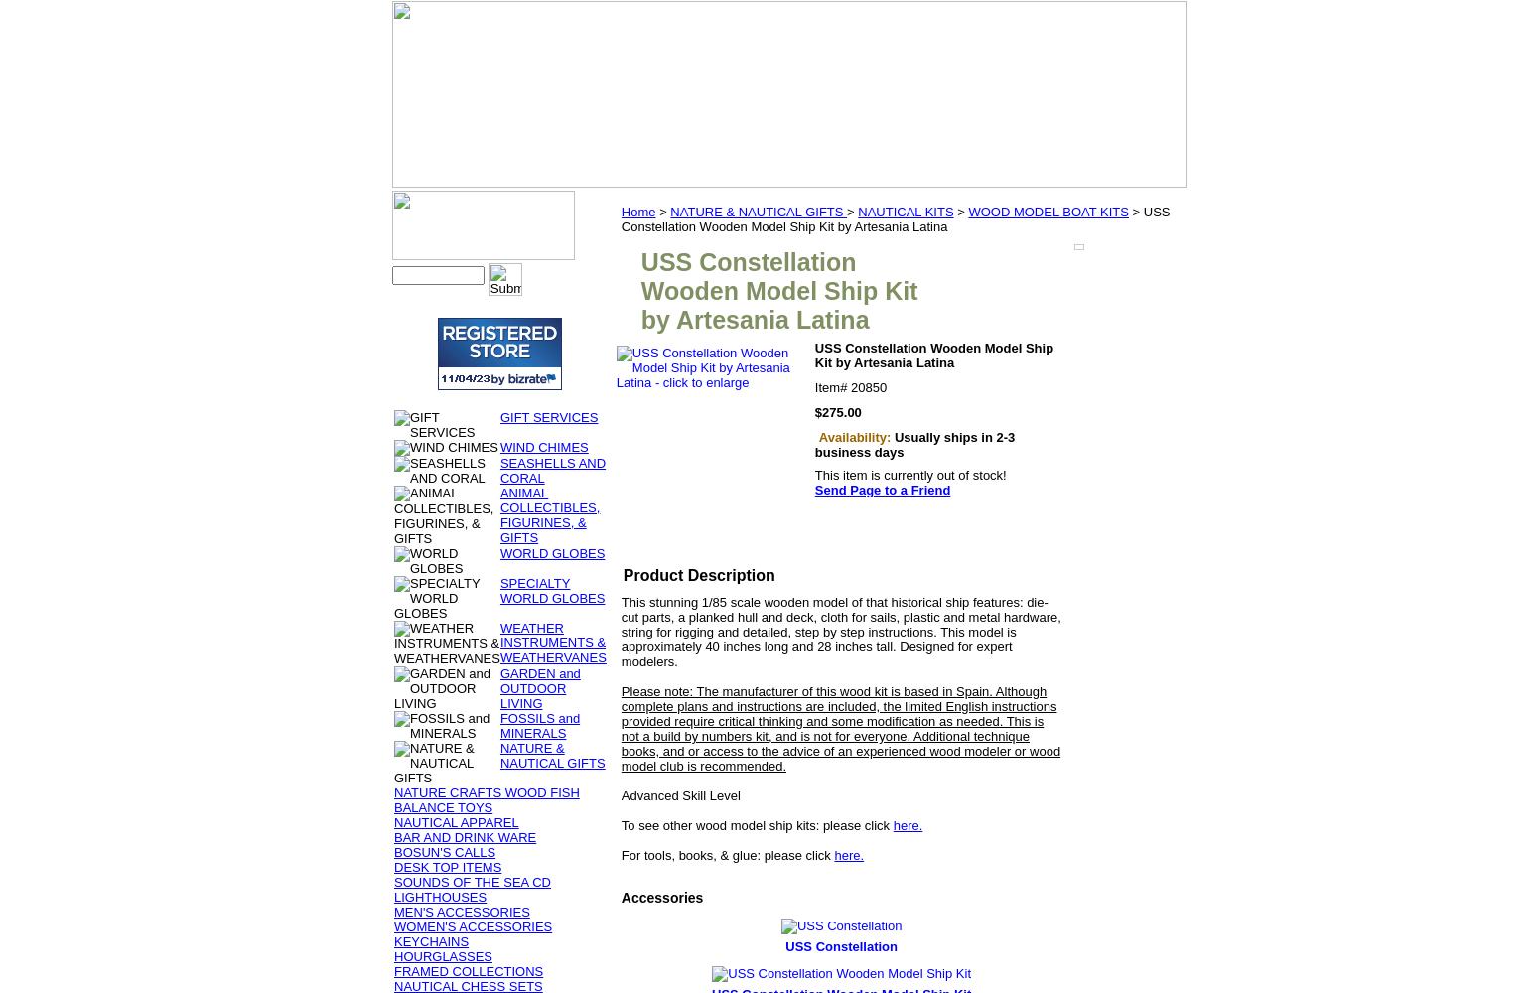 This screenshot has width=1539, height=993. What do you see at coordinates (440, 897) in the screenshot?
I see `'LIGHTHOUSES'` at bounding box center [440, 897].